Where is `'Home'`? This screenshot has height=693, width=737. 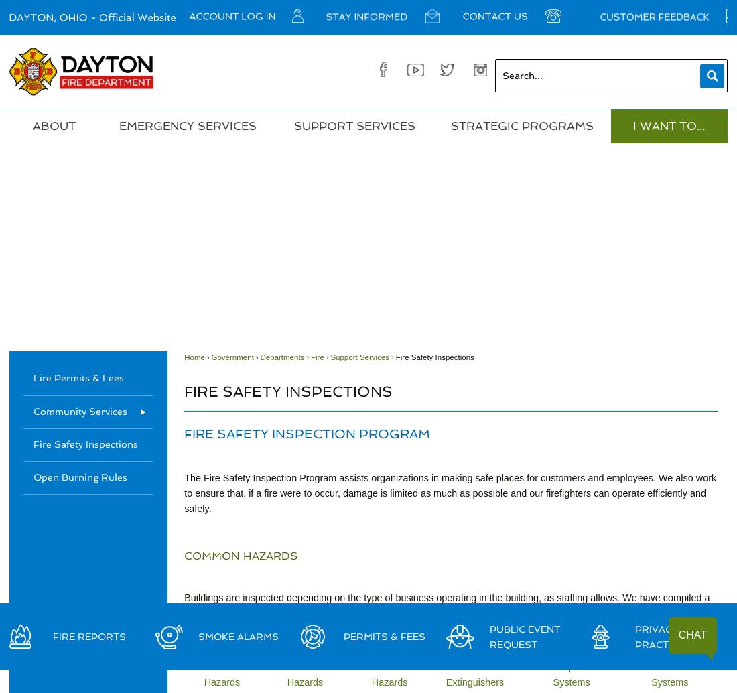
'Home' is located at coordinates (193, 356).